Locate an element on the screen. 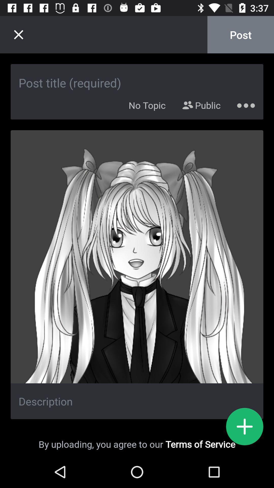 The image size is (274, 488). exit is located at coordinates (18, 34).